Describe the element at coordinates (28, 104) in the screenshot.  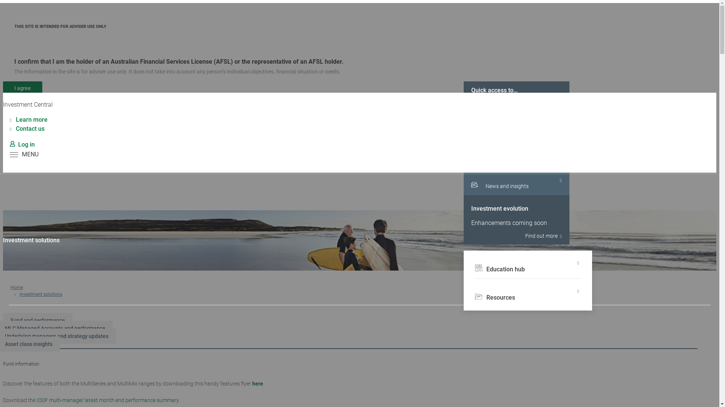
I see `'Investment Central'` at that location.